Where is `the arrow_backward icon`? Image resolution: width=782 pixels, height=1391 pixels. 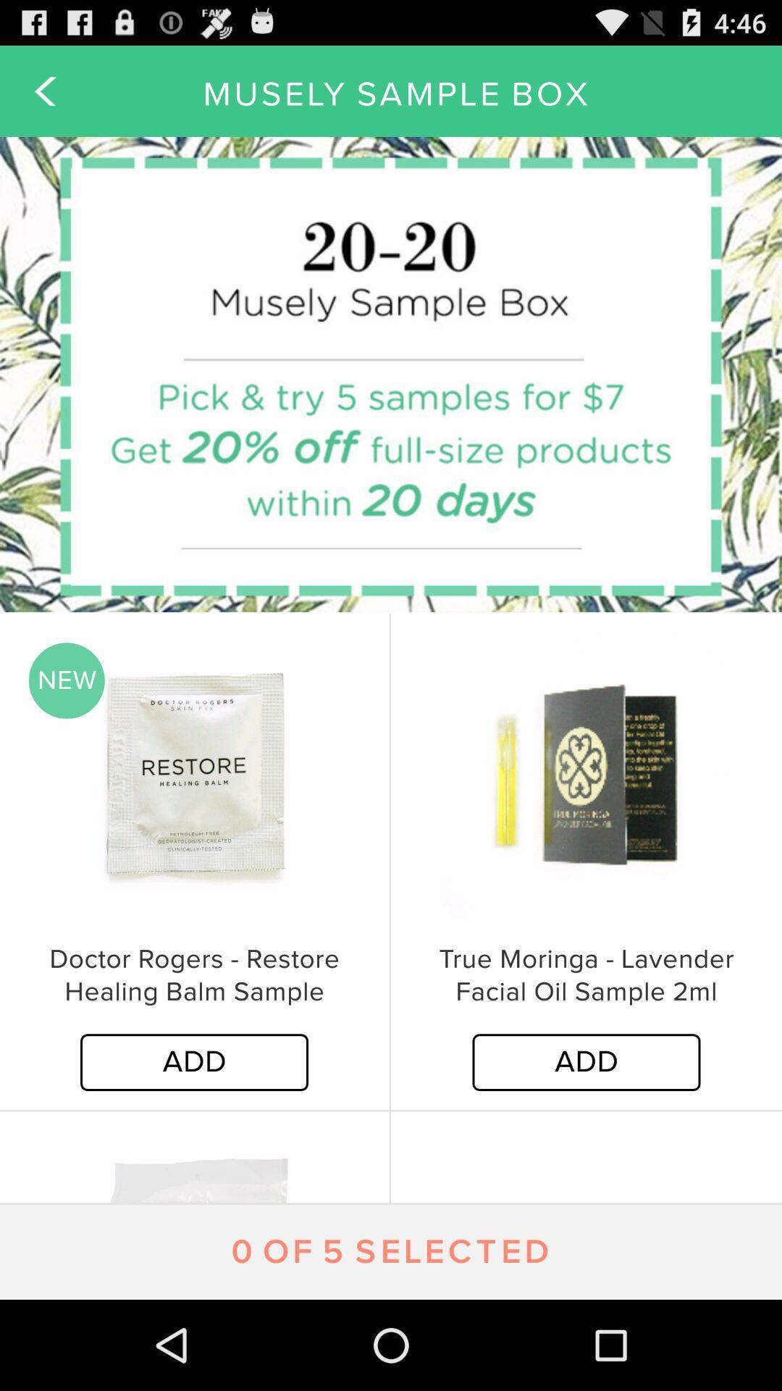 the arrow_backward icon is located at coordinates (44, 96).